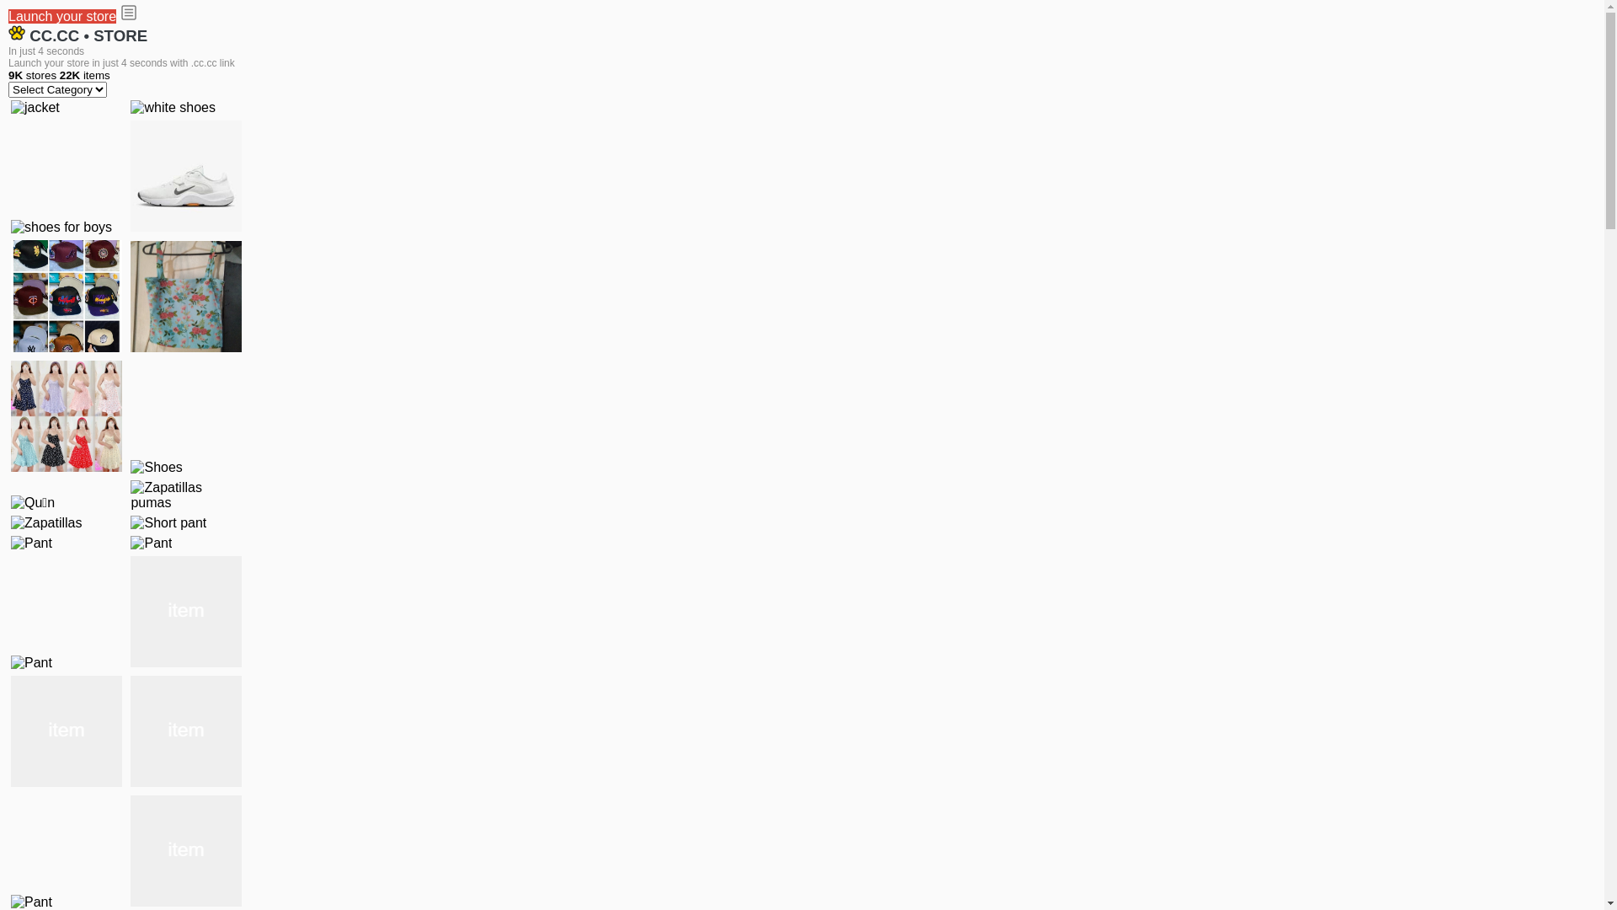  I want to click on 'Zapatillas pumas', so click(129, 494).